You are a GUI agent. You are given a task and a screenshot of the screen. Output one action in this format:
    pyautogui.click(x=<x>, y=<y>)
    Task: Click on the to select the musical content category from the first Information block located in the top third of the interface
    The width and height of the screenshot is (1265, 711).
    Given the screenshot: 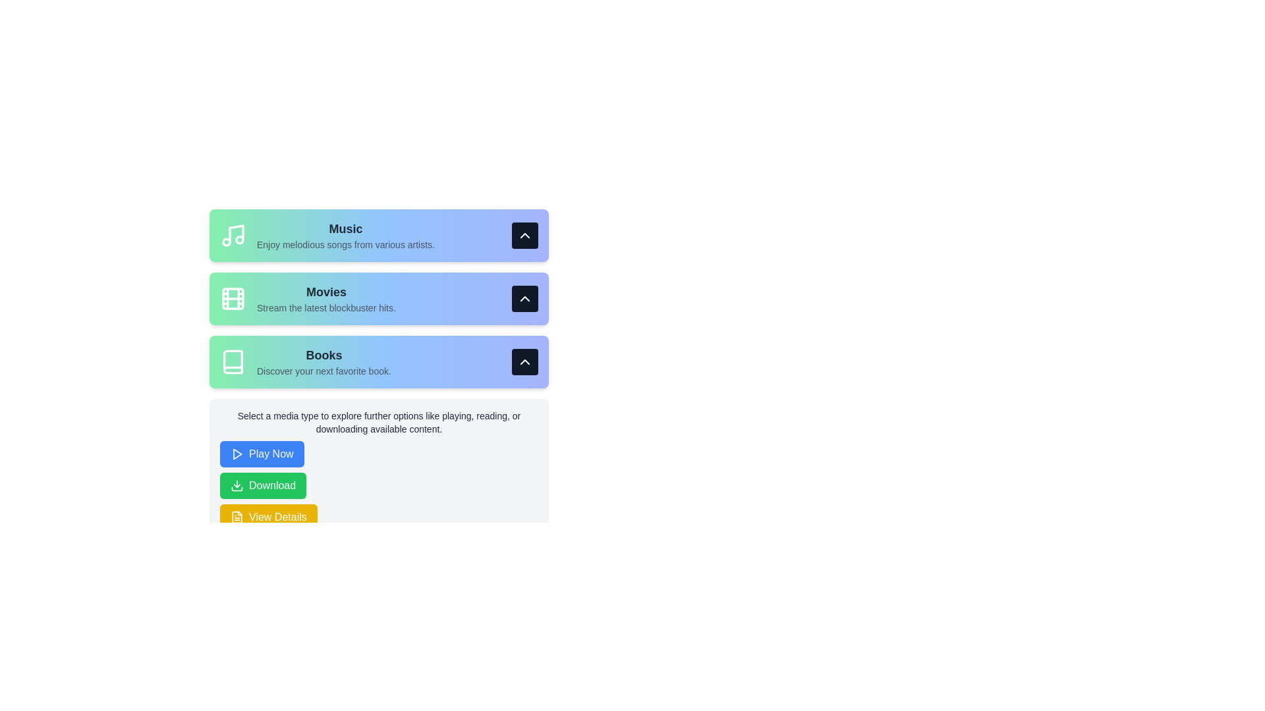 What is the action you would take?
    pyautogui.click(x=327, y=235)
    